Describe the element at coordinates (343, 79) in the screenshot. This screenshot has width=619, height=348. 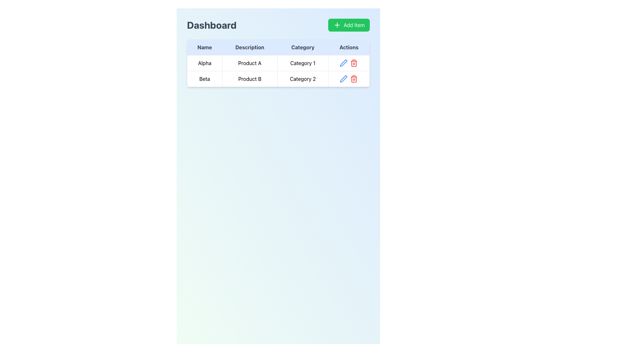
I see `the blue pen icon located in the 'Actions' column, second row of the table, to initiate editing` at that location.